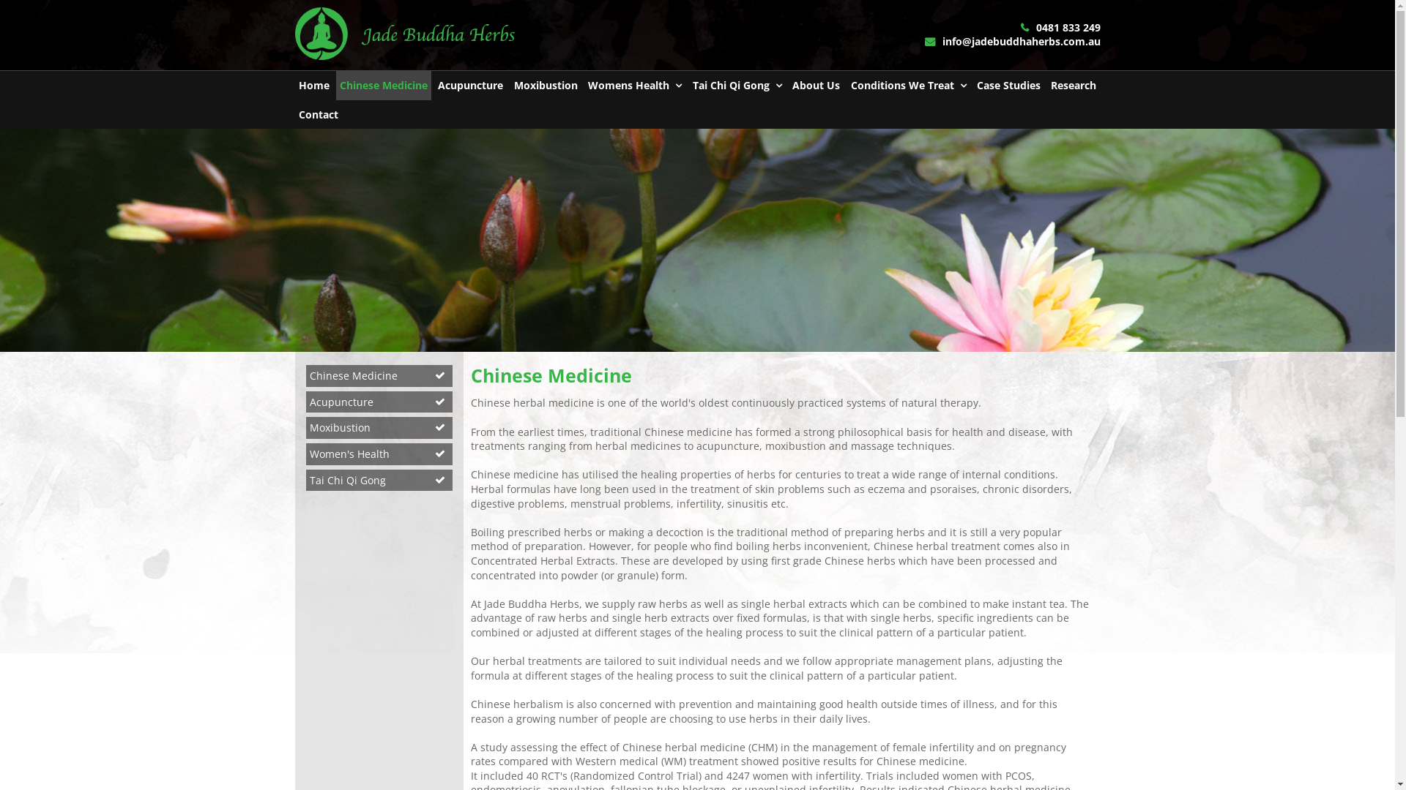  Describe the element at coordinates (305, 402) in the screenshot. I see `'Acupuncture'` at that location.